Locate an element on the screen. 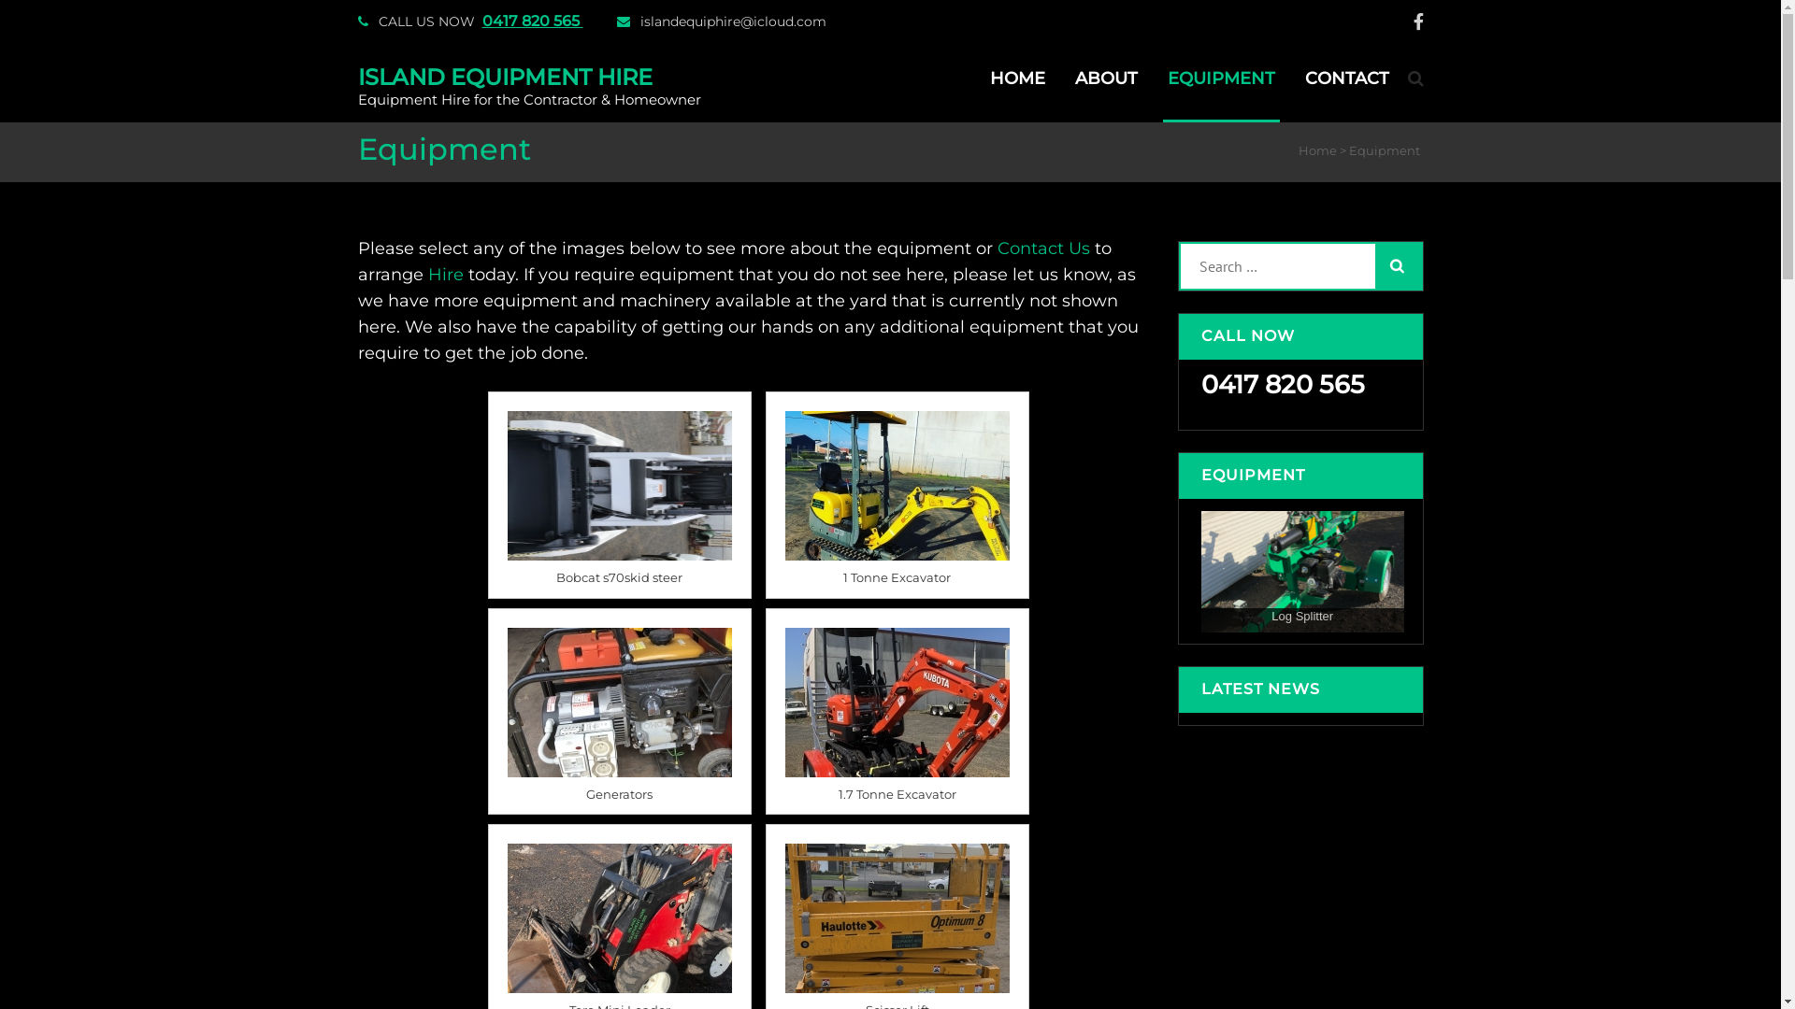 The height and width of the screenshot is (1009, 1795). 'Home' is located at coordinates (1315, 149).